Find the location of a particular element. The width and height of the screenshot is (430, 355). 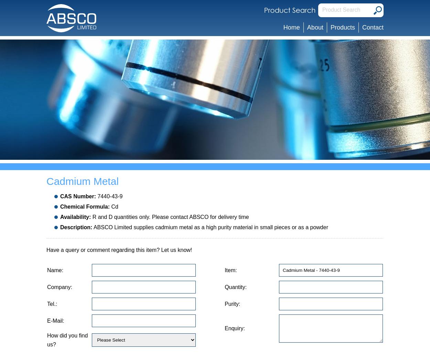

'Item:' is located at coordinates (230, 270).